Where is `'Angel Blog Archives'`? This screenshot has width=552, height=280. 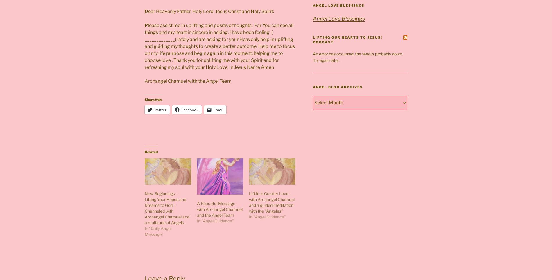
'Angel Blog Archives' is located at coordinates (338, 87).